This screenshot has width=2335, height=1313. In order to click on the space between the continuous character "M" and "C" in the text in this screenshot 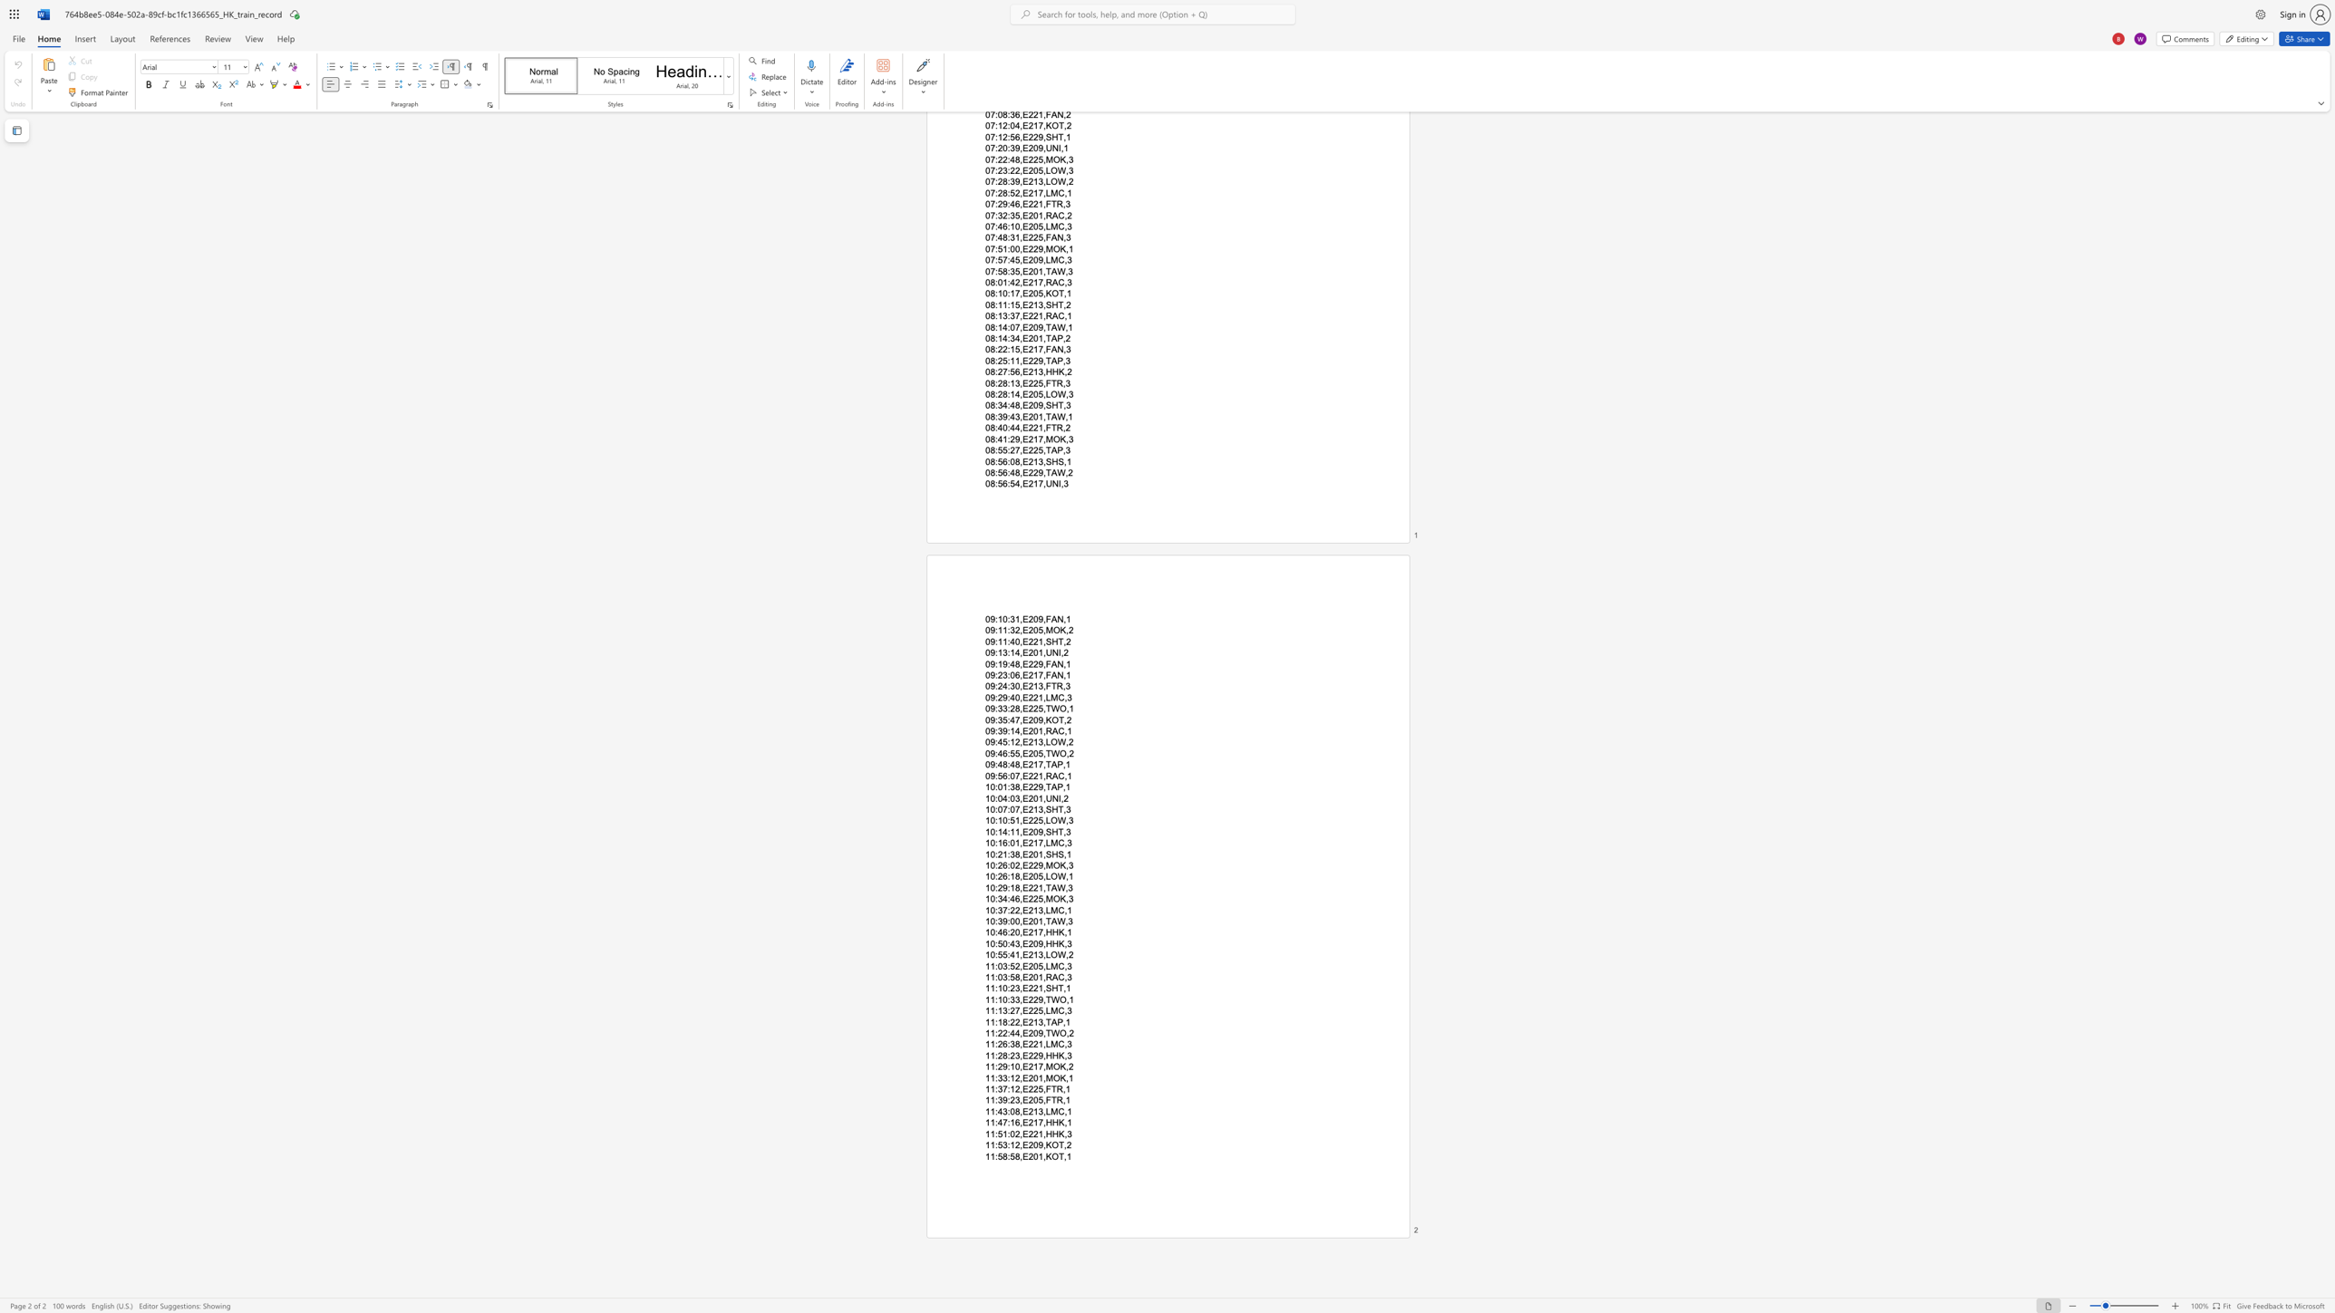, I will do `click(1056, 1044)`.